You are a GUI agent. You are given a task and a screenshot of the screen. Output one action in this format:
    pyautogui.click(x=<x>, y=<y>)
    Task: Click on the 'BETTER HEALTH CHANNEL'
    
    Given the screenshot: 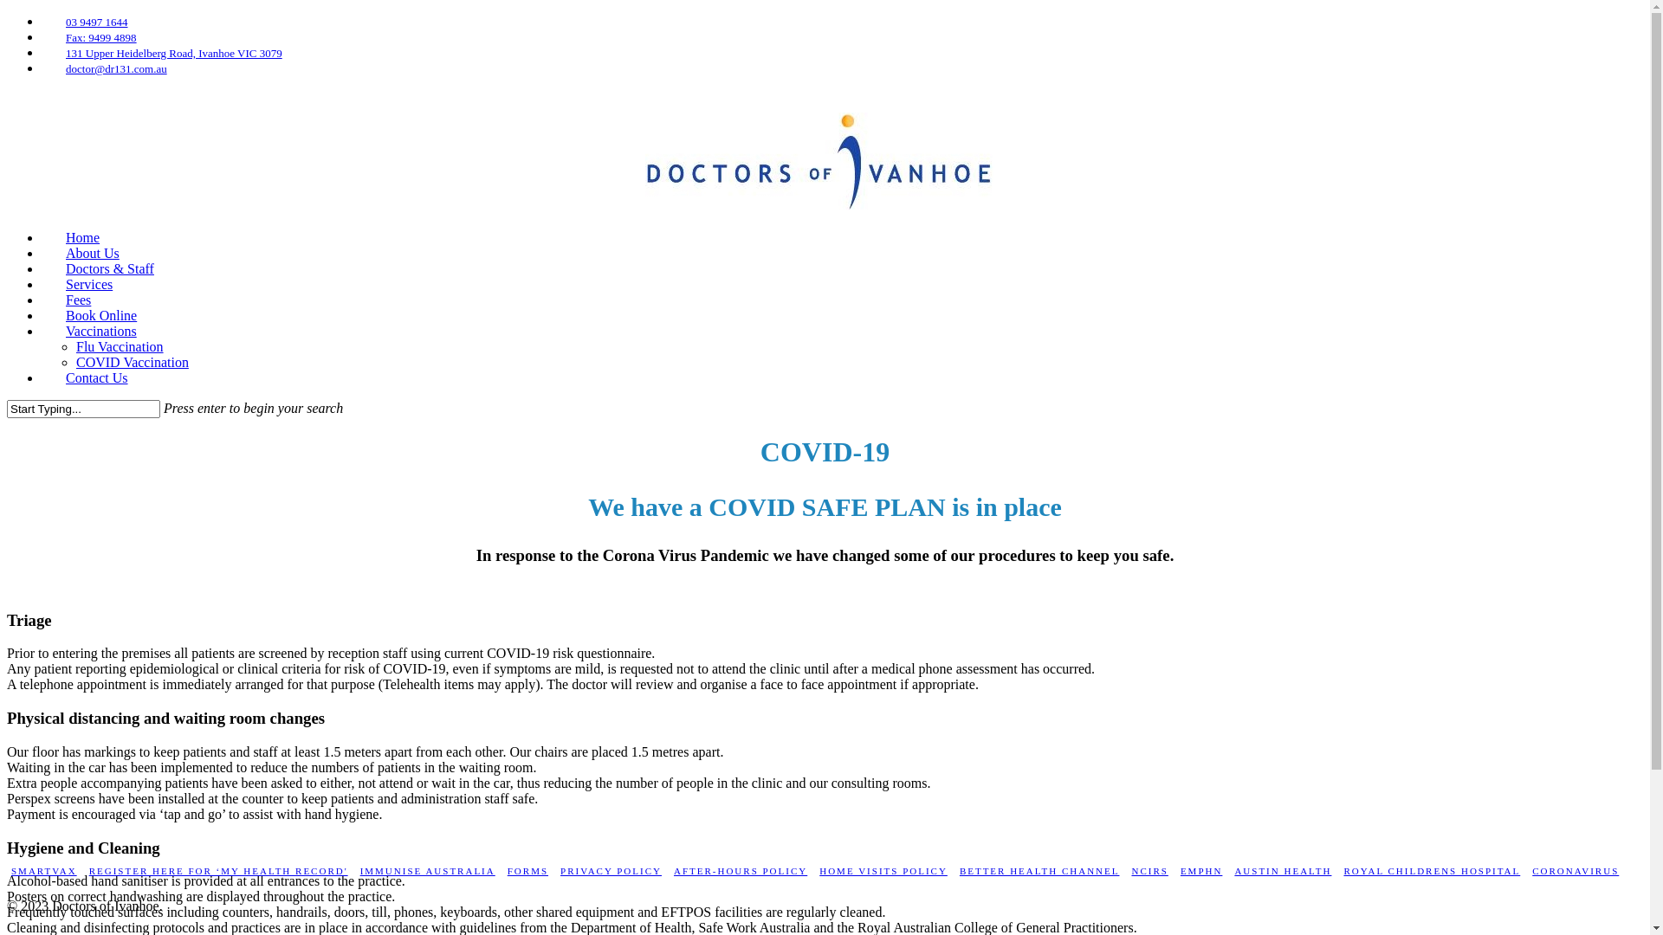 What is the action you would take?
    pyautogui.click(x=1039, y=871)
    